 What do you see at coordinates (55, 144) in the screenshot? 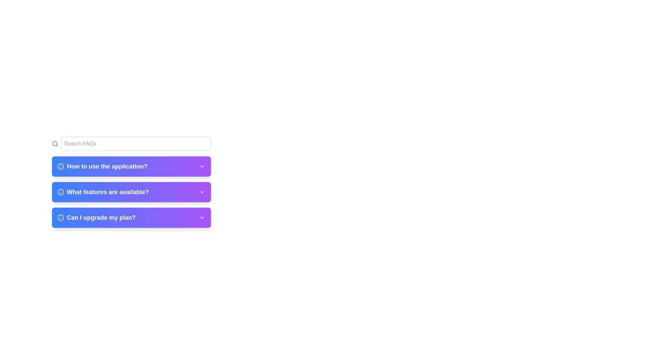
I see `the search icon located inside the search bar component at the left side, which visually indicates the associated input field is for searching` at bounding box center [55, 144].